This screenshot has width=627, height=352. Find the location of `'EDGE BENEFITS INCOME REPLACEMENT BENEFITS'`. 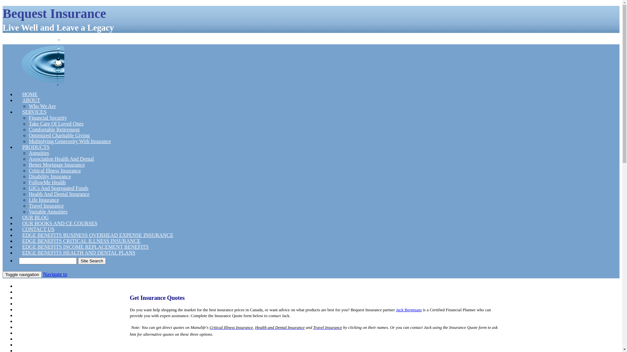

'EDGE BENEFITS INCOME REPLACEMENT BENEFITS' is located at coordinates (85, 247).